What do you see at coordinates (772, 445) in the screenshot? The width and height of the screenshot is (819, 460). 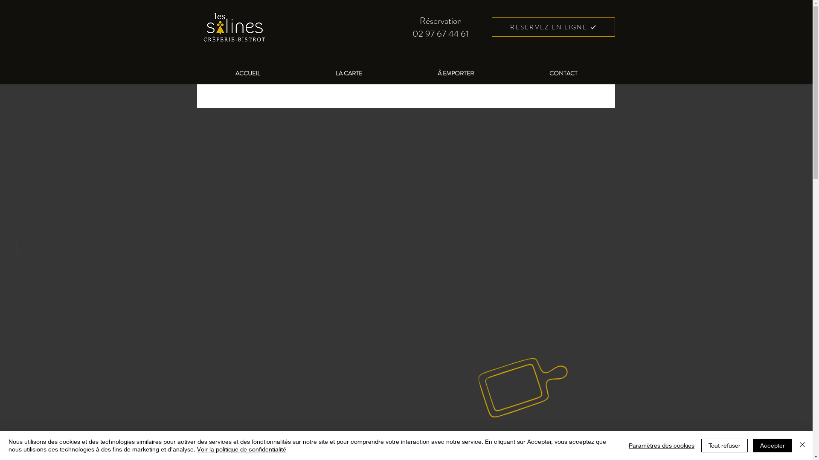 I see `'Accepter'` at bounding box center [772, 445].